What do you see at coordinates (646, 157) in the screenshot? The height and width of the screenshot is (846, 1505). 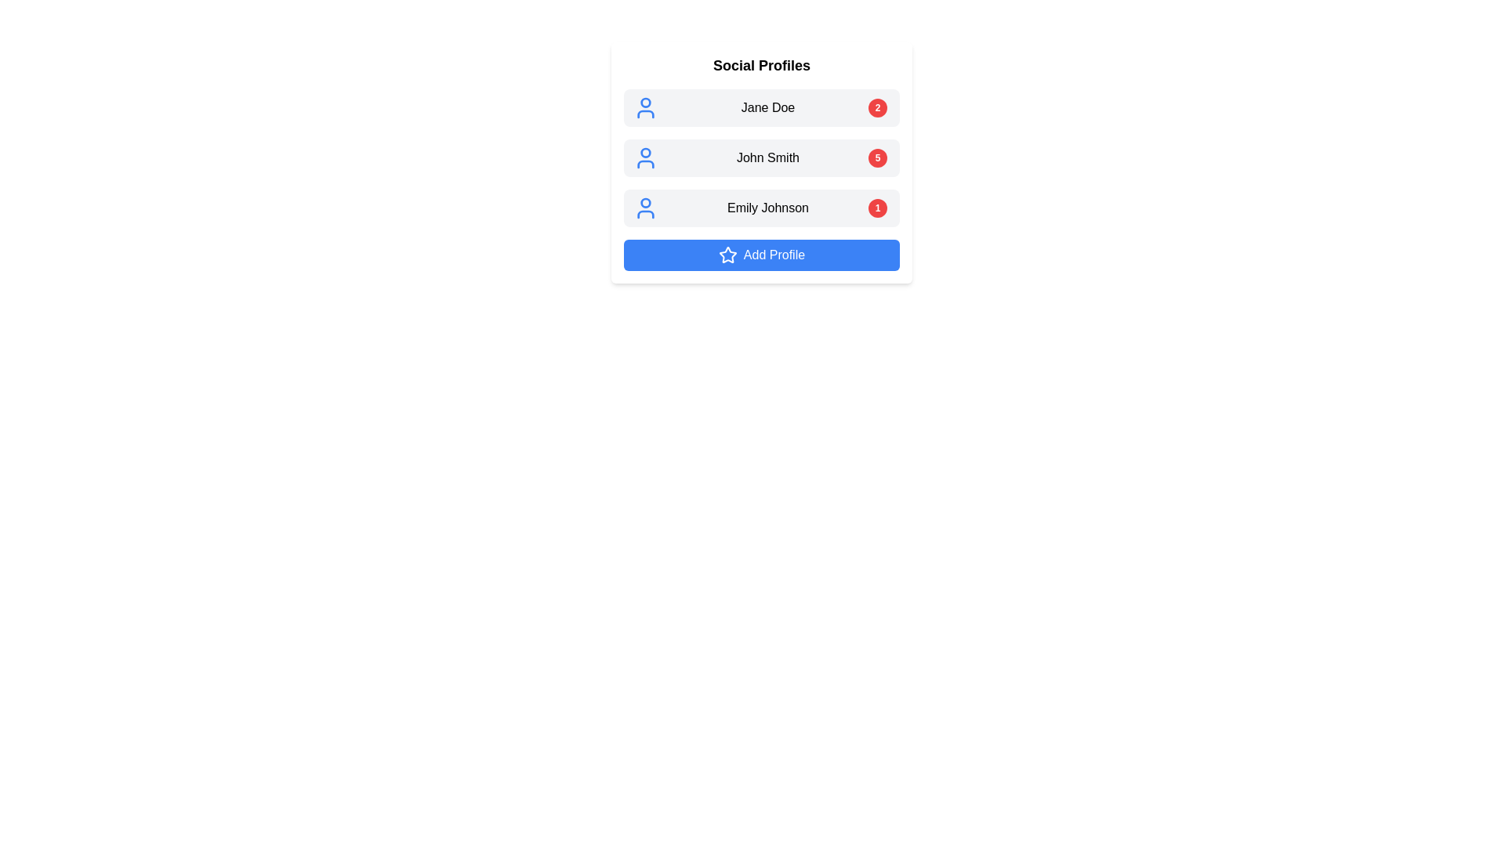 I see `the blue user profile icon representing a simplified human figure in the 'Social Profiles' widget, which is part of the row containing the text 'John Smith'` at bounding box center [646, 157].